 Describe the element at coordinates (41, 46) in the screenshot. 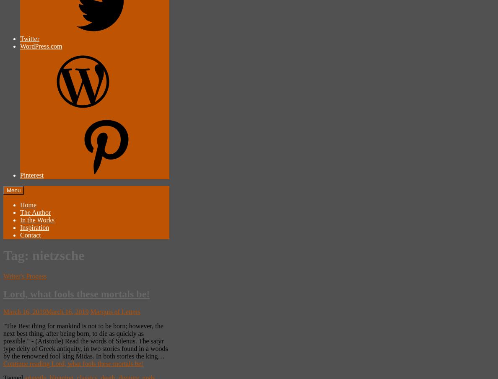

I see `'WordPress.com'` at that location.